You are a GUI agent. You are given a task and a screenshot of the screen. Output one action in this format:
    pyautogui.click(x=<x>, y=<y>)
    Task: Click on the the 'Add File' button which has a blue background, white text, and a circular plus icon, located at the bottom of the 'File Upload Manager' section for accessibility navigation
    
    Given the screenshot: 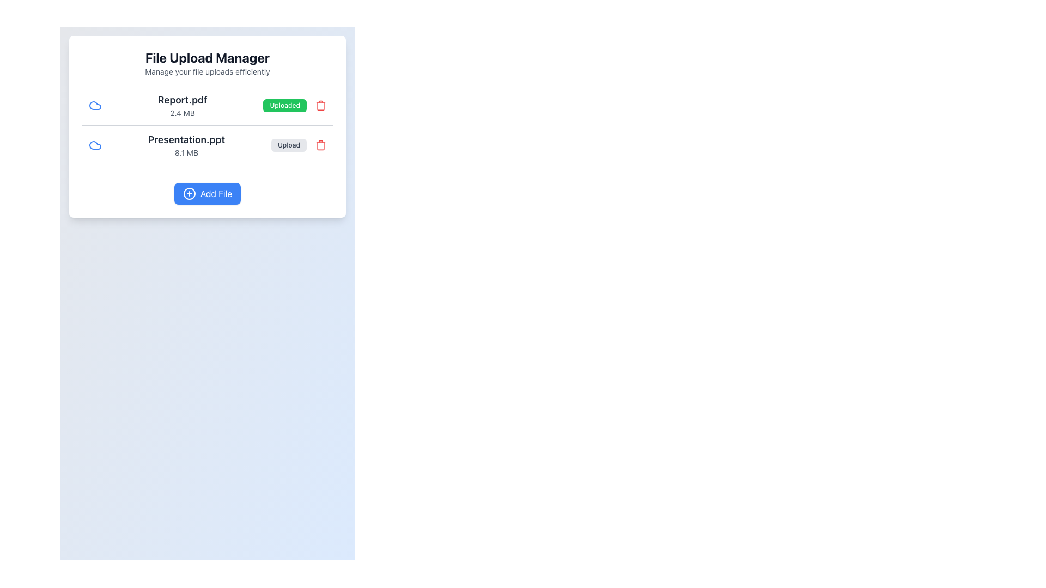 What is the action you would take?
    pyautogui.click(x=207, y=188)
    